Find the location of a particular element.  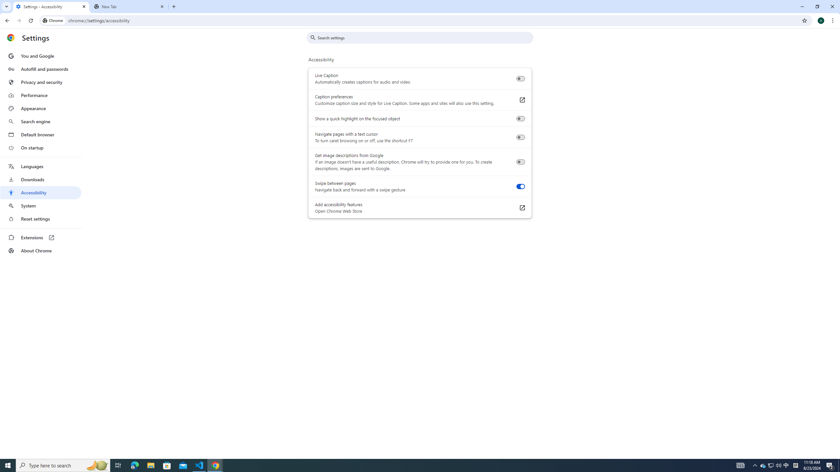

'Get image descriptions from Google' is located at coordinates (520, 162).